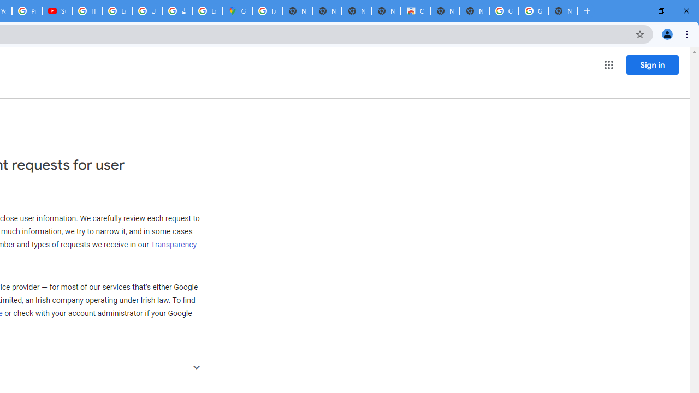 The image size is (699, 393). I want to click on 'Google Maps', so click(236, 11).